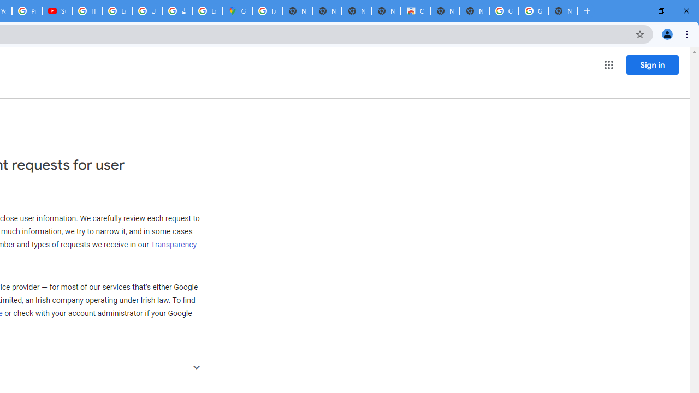 The image size is (699, 393). I want to click on 'Google Maps', so click(236, 11).